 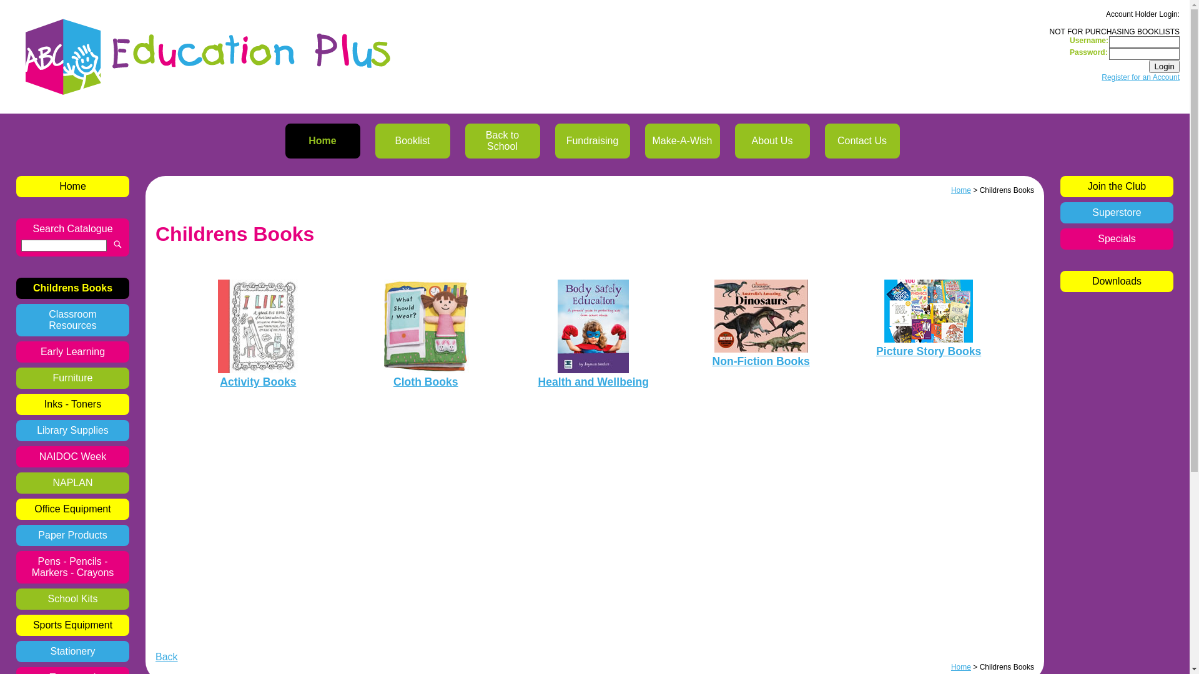 I want to click on 'Pens - Pencils - Markers - Crayons', so click(x=72, y=567).